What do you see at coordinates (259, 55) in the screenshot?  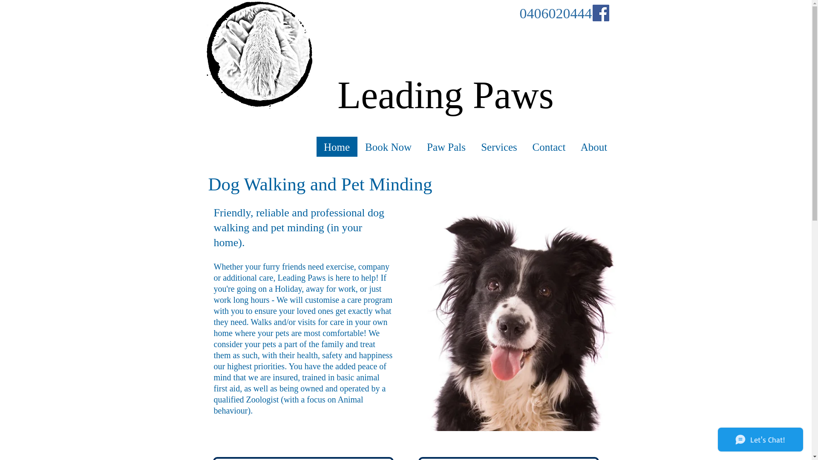 I see `'Leading Paws Logo.png'` at bounding box center [259, 55].